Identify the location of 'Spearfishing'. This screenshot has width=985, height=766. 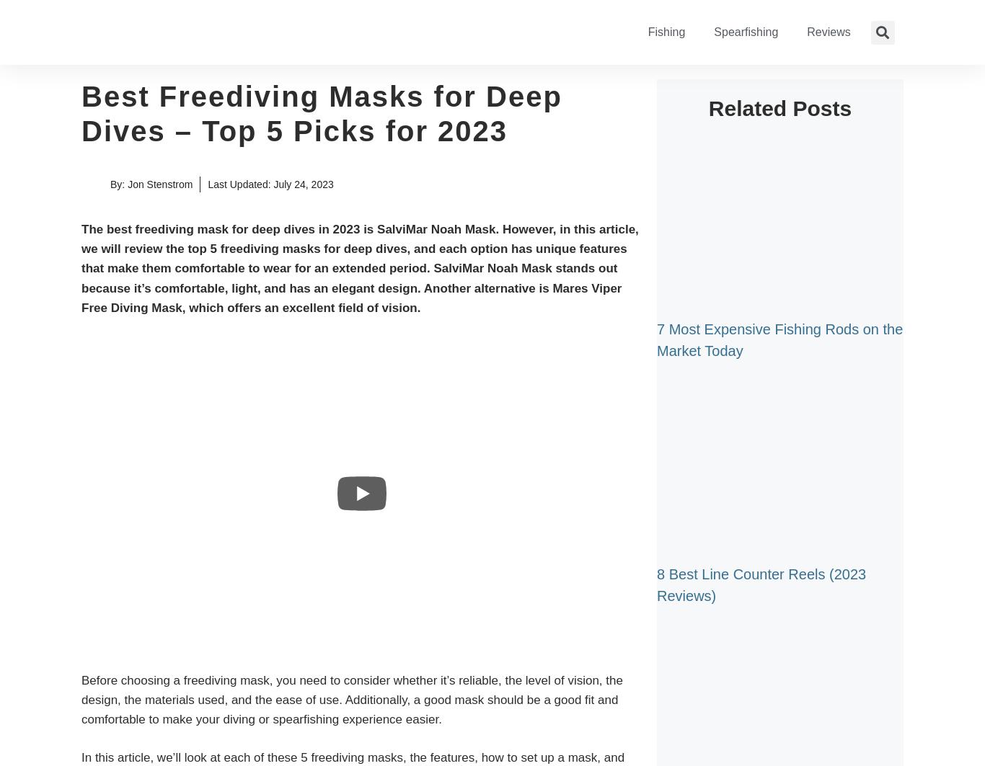
(745, 32).